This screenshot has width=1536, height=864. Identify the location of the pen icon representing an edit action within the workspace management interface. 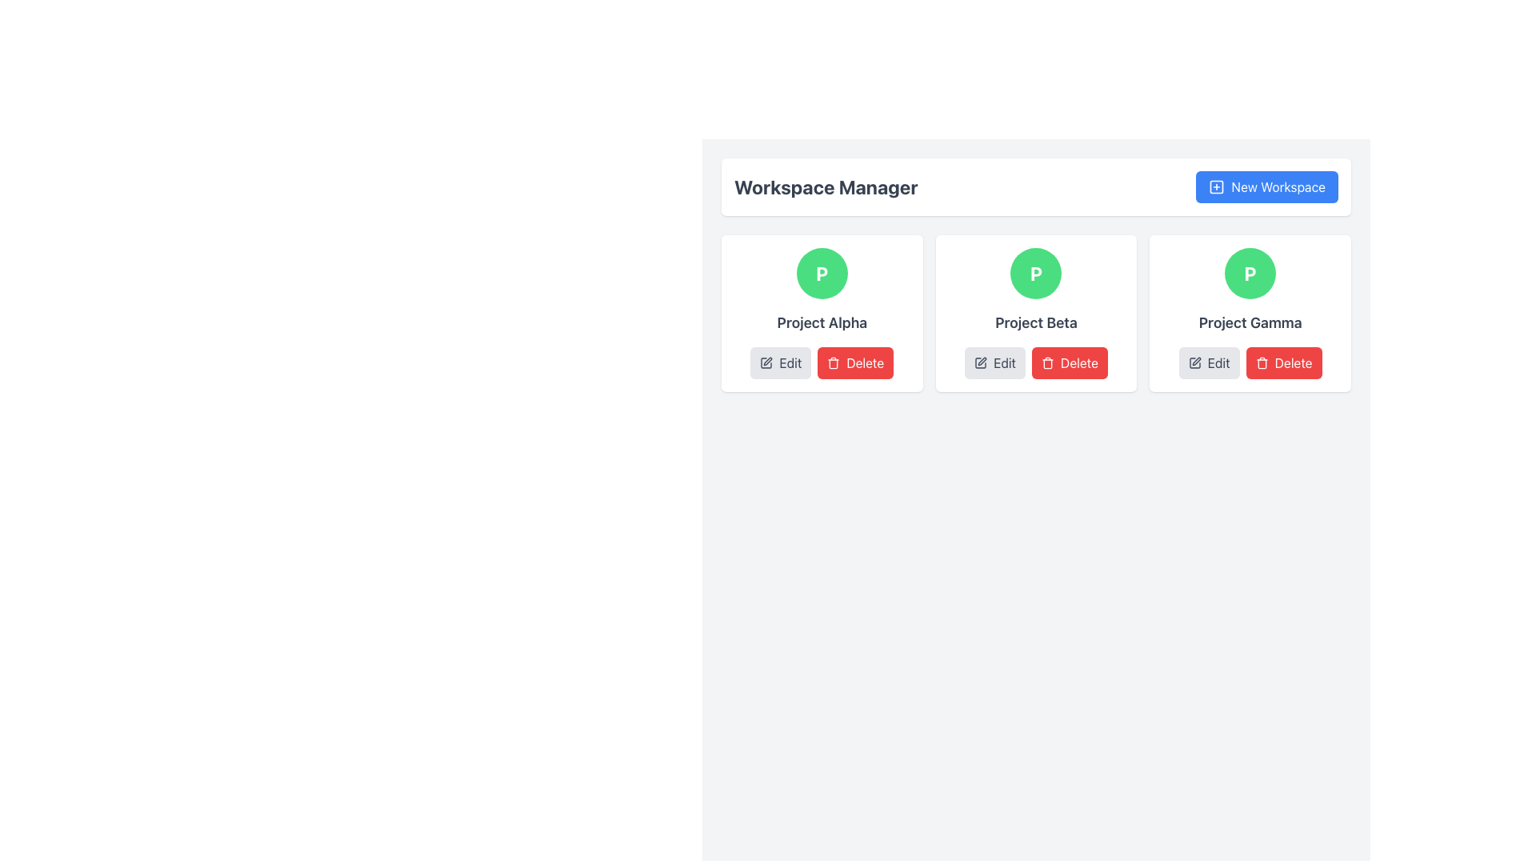
(768, 361).